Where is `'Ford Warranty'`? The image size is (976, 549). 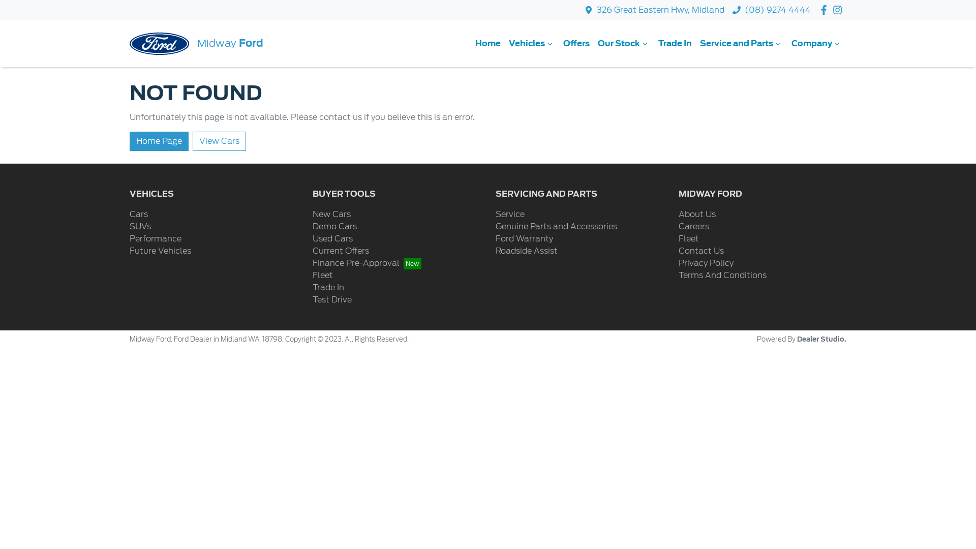 'Ford Warranty' is located at coordinates (524, 238).